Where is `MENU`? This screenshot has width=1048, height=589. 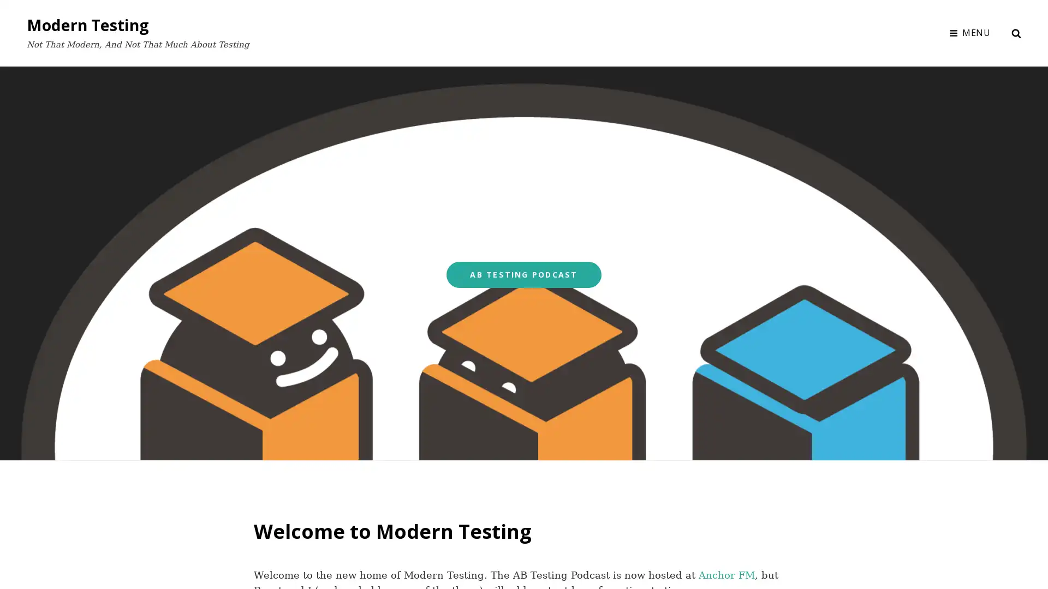
MENU is located at coordinates (969, 32).